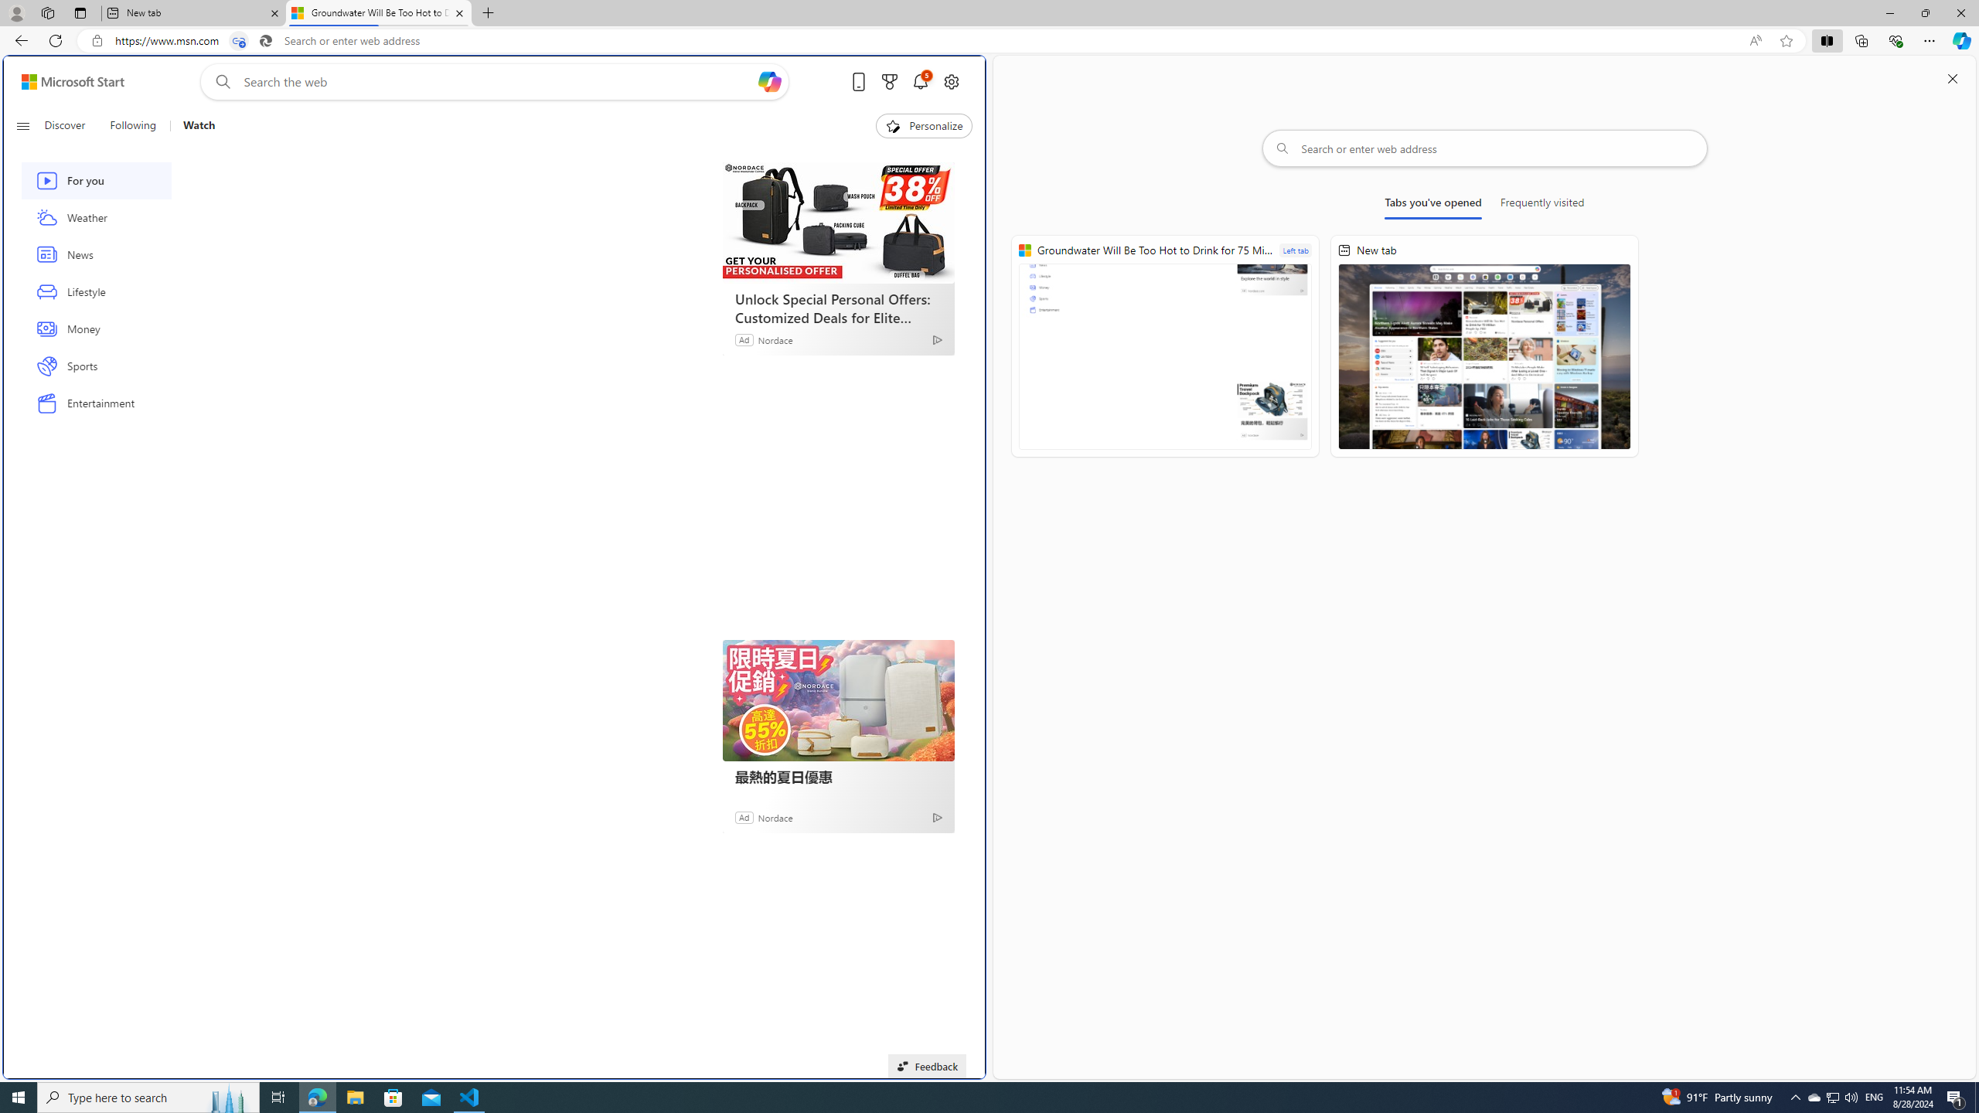  What do you see at coordinates (22, 125) in the screenshot?
I see `'Class: button-glyph'` at bounding box center [22, 125].